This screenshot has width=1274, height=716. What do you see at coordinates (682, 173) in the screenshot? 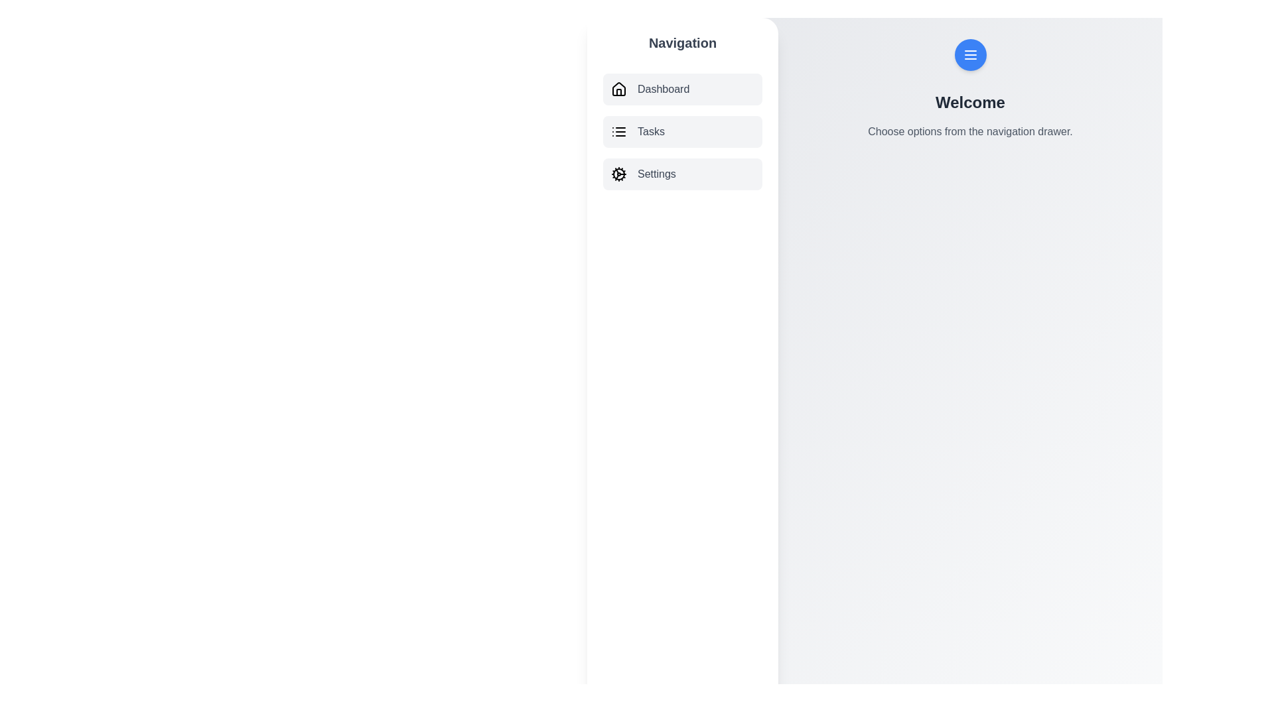
I see `the navigation item Settings from the drawer` at bounding box center [682, 173].